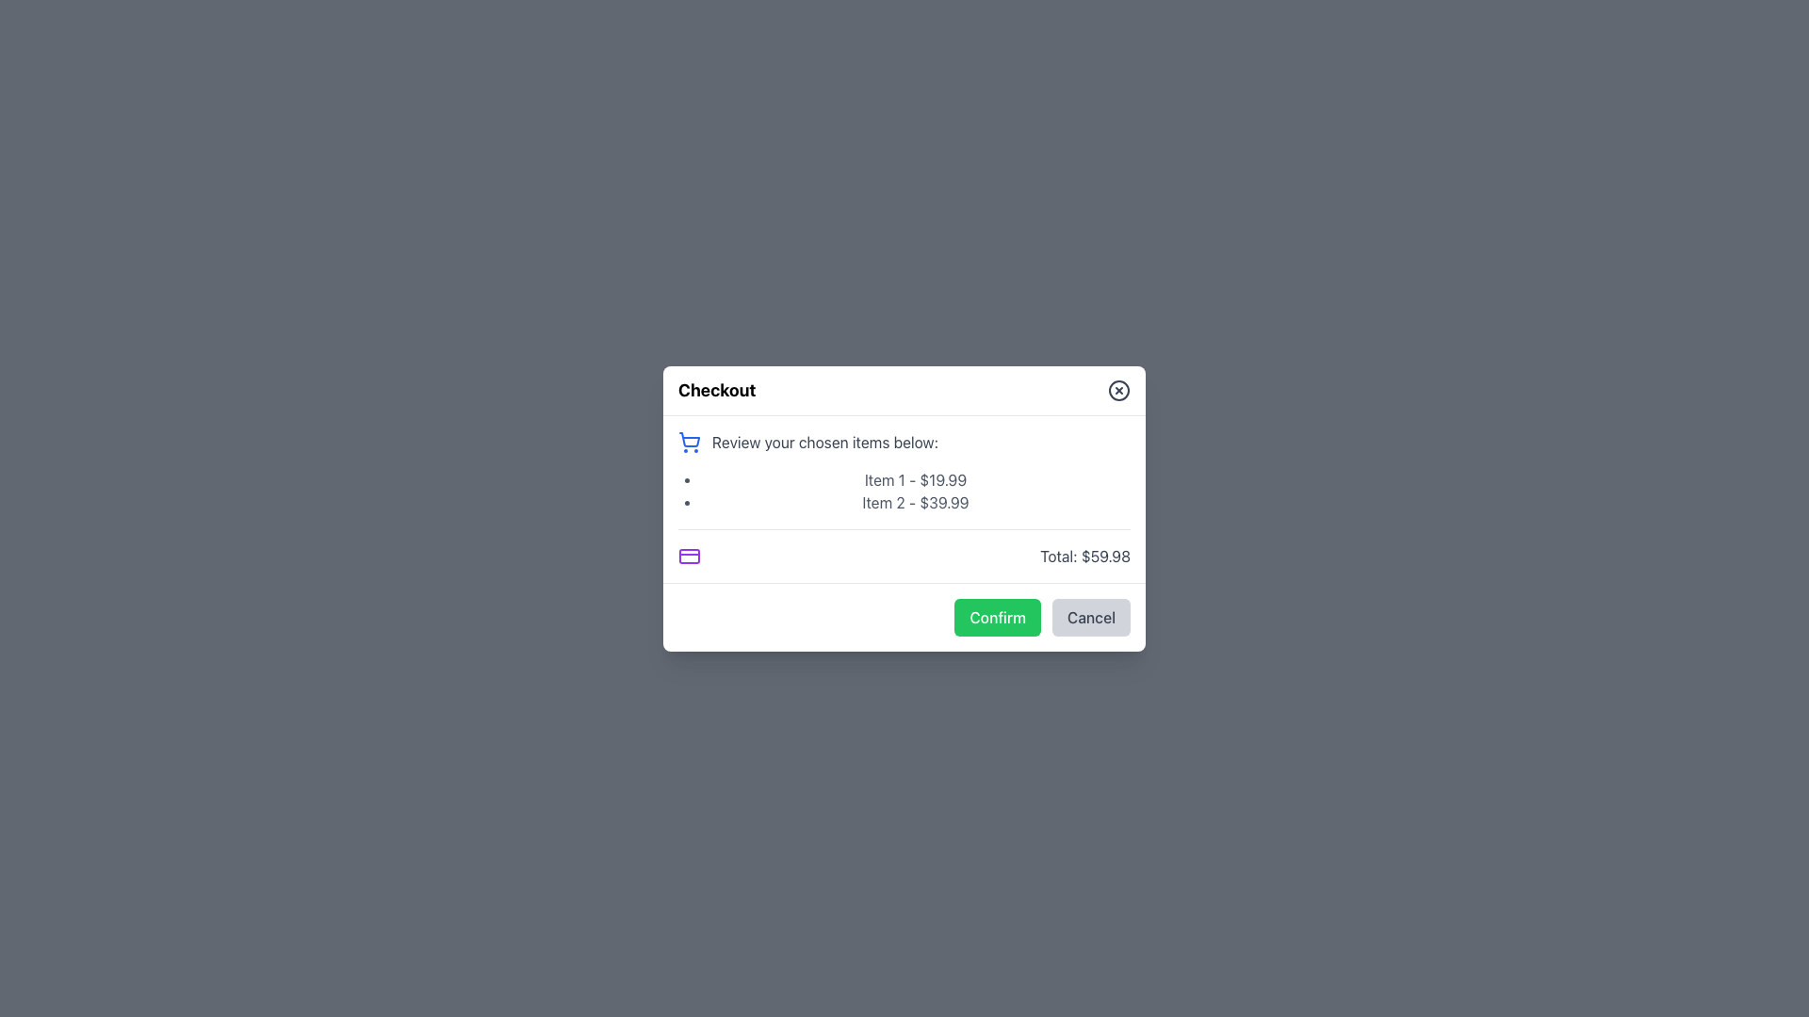  What do you see at coordinates (915, 478) in the screenshot?
I see `the first item in the checkout summary bulleted list displaying the name and price of an item, which is located at the center of the checkout summary card` at bounding box center [915, 478].